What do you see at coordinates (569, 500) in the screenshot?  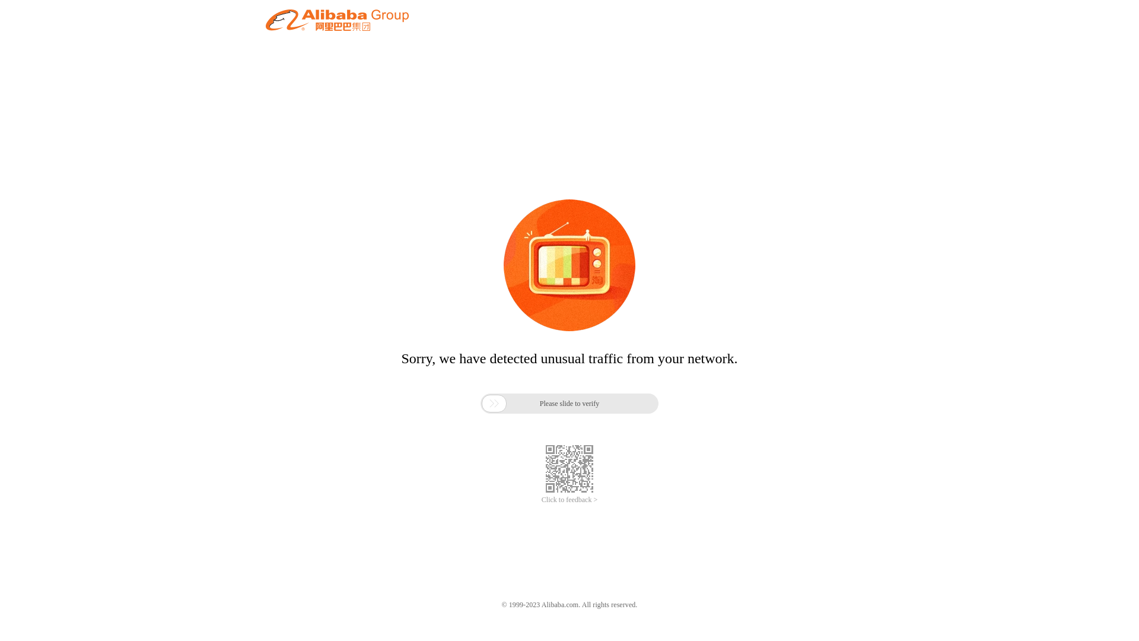 I see `'Click to feedback >'` at bounding box center [569, 500].